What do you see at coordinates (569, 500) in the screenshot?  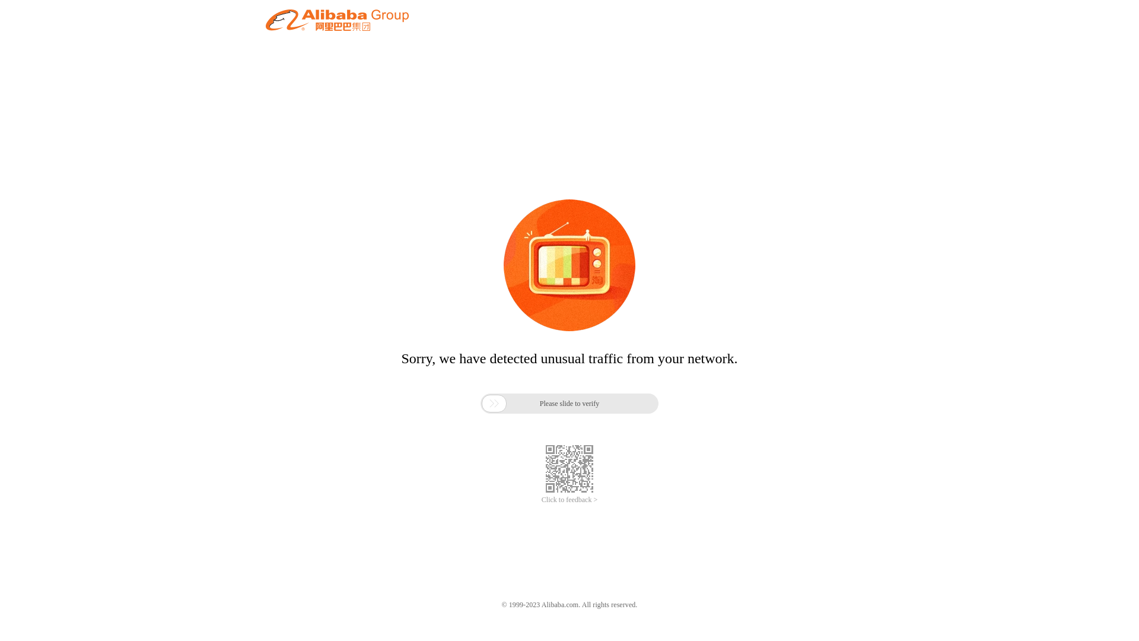 I see `'Click to feedback >'` at bounding box center [569, 500].